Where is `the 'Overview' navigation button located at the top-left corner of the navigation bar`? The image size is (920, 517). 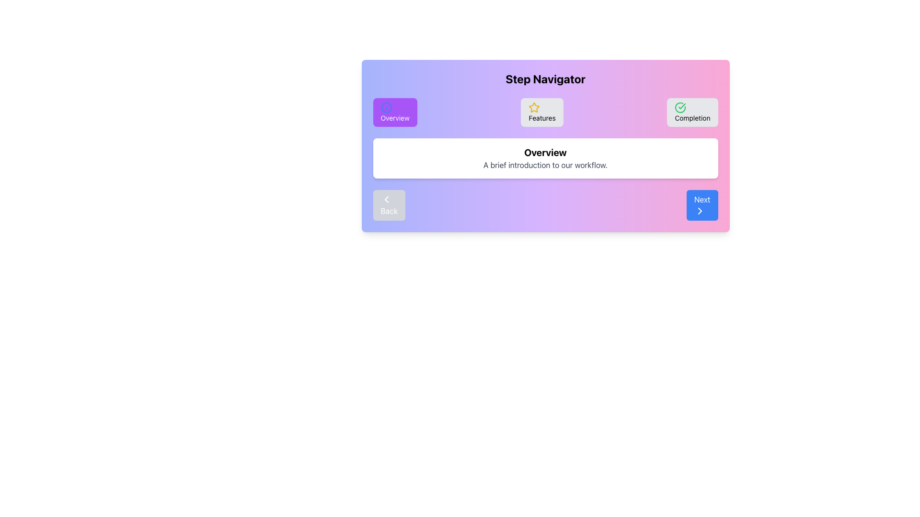 the 'Overview' navigation button located at the top-left corner of the navigation bar is located at coordinates (395, 112).